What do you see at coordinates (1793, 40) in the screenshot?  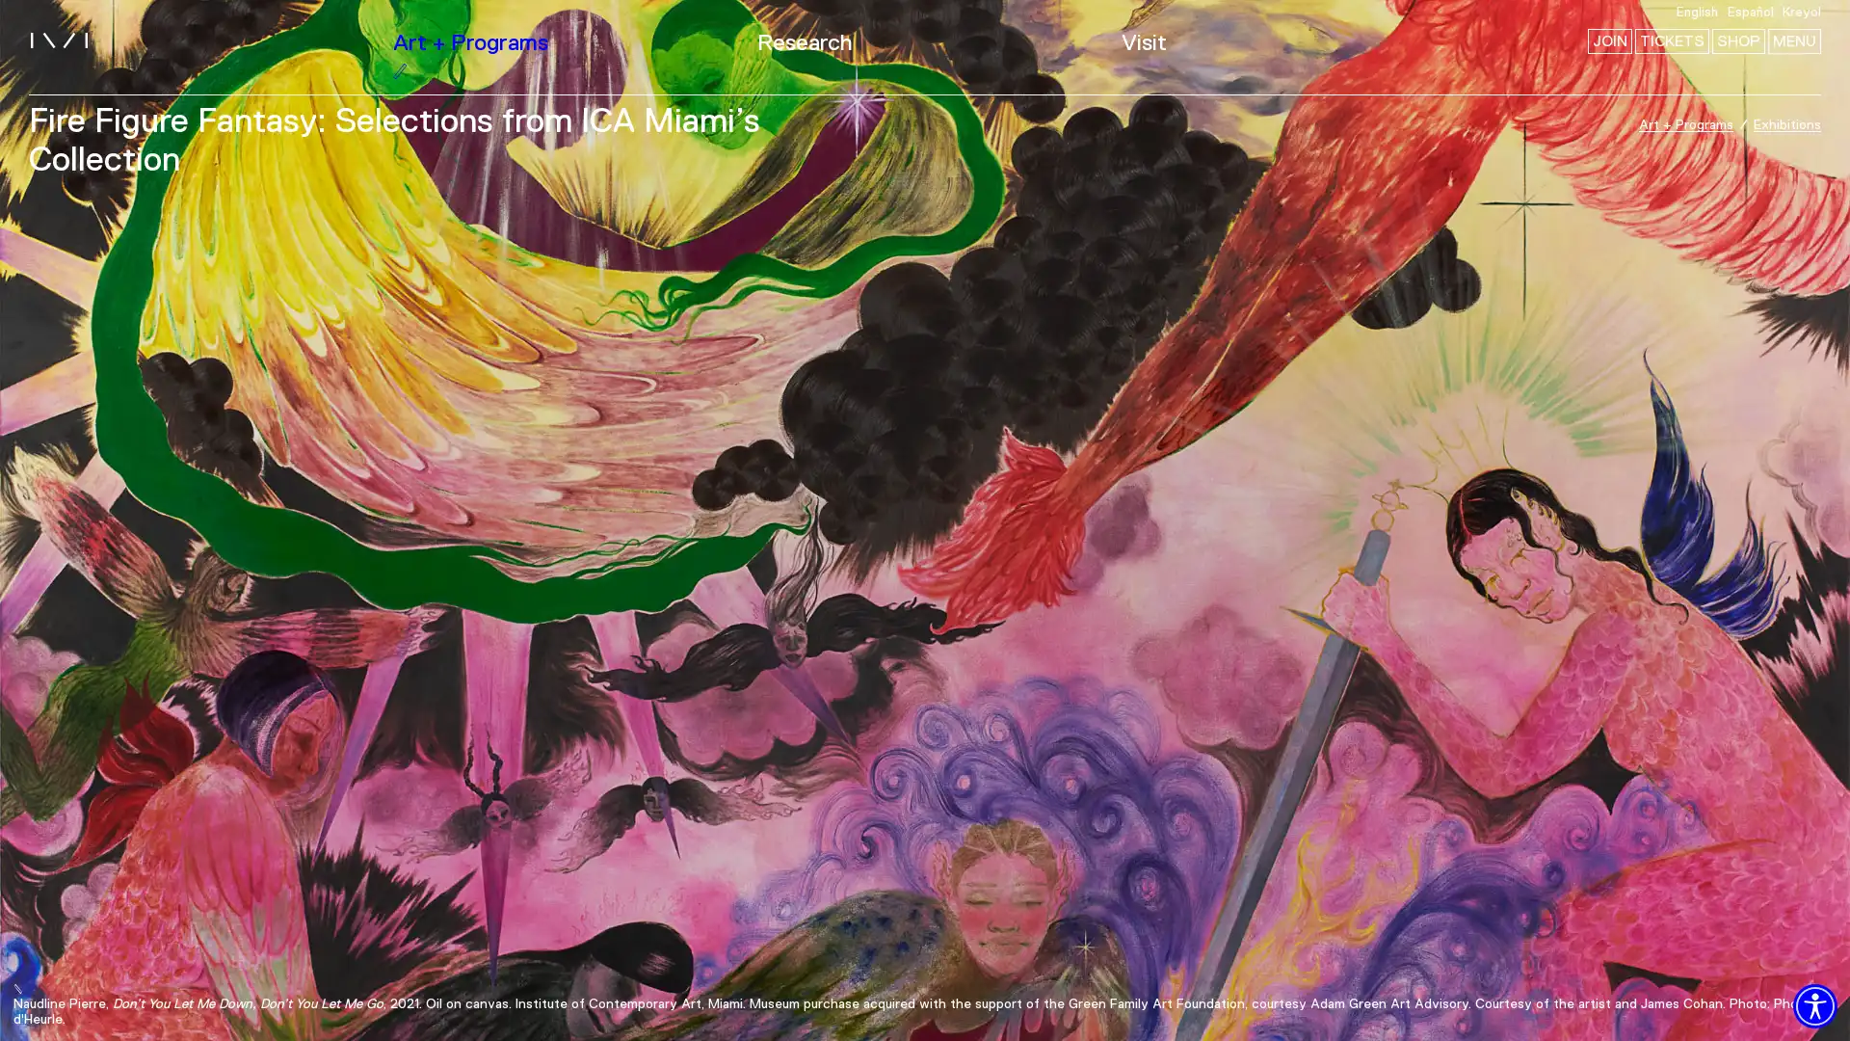 I see `MENU` at bounding box center [1793, 40].